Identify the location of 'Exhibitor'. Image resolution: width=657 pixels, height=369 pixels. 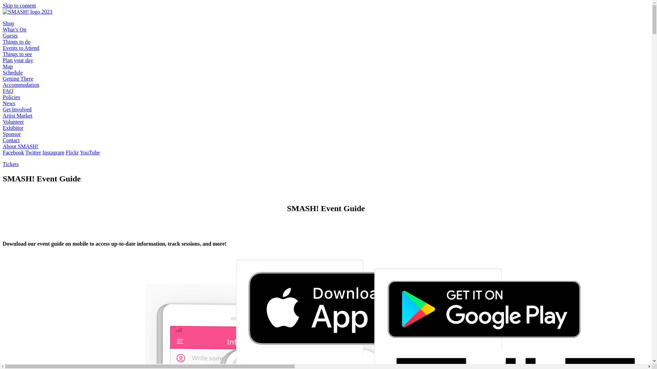
(13, 128).